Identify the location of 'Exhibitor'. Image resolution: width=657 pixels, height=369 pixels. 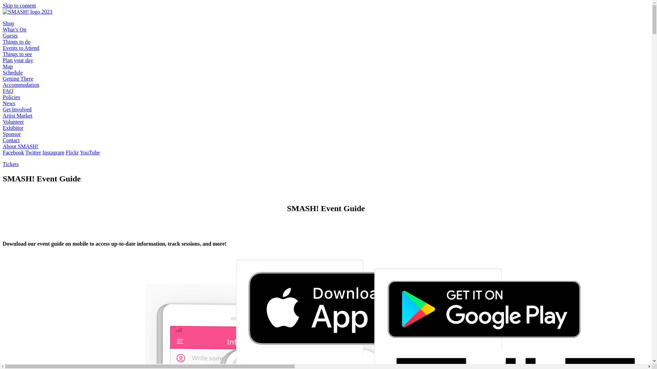
(13, 128).